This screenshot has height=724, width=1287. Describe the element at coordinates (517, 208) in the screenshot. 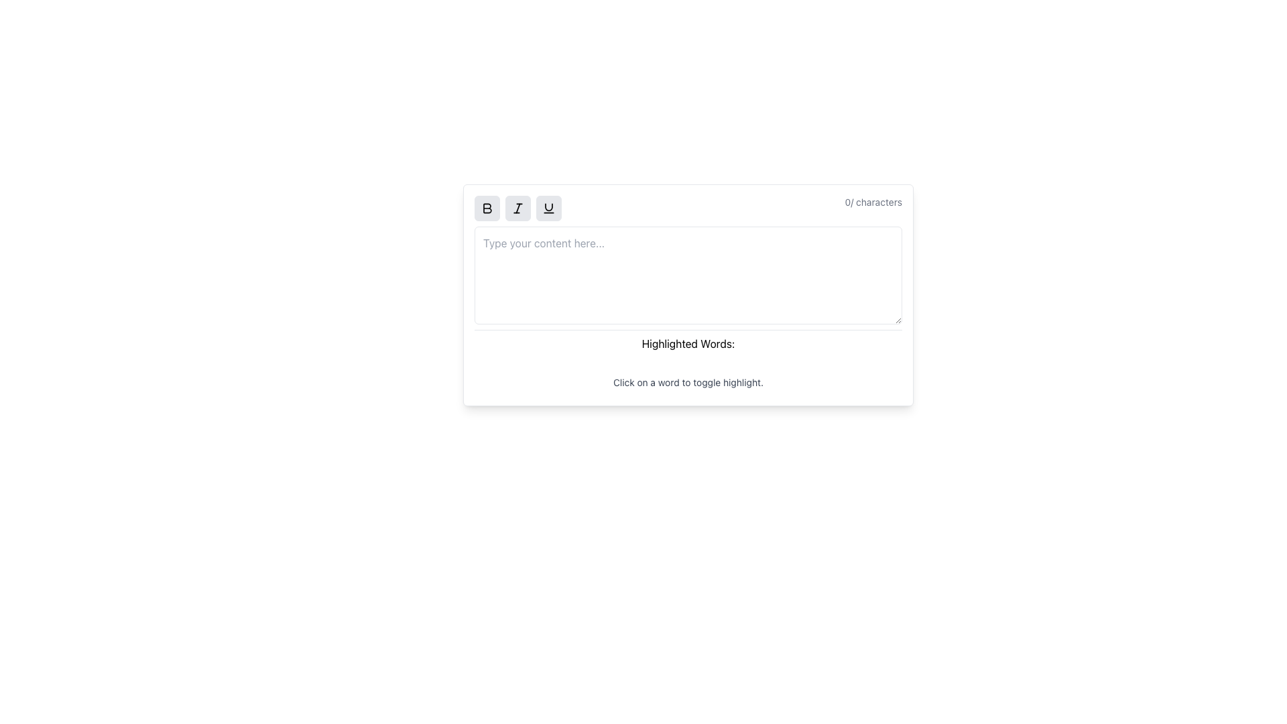

I see `the italic button in the text formatting toolbar` at that location.